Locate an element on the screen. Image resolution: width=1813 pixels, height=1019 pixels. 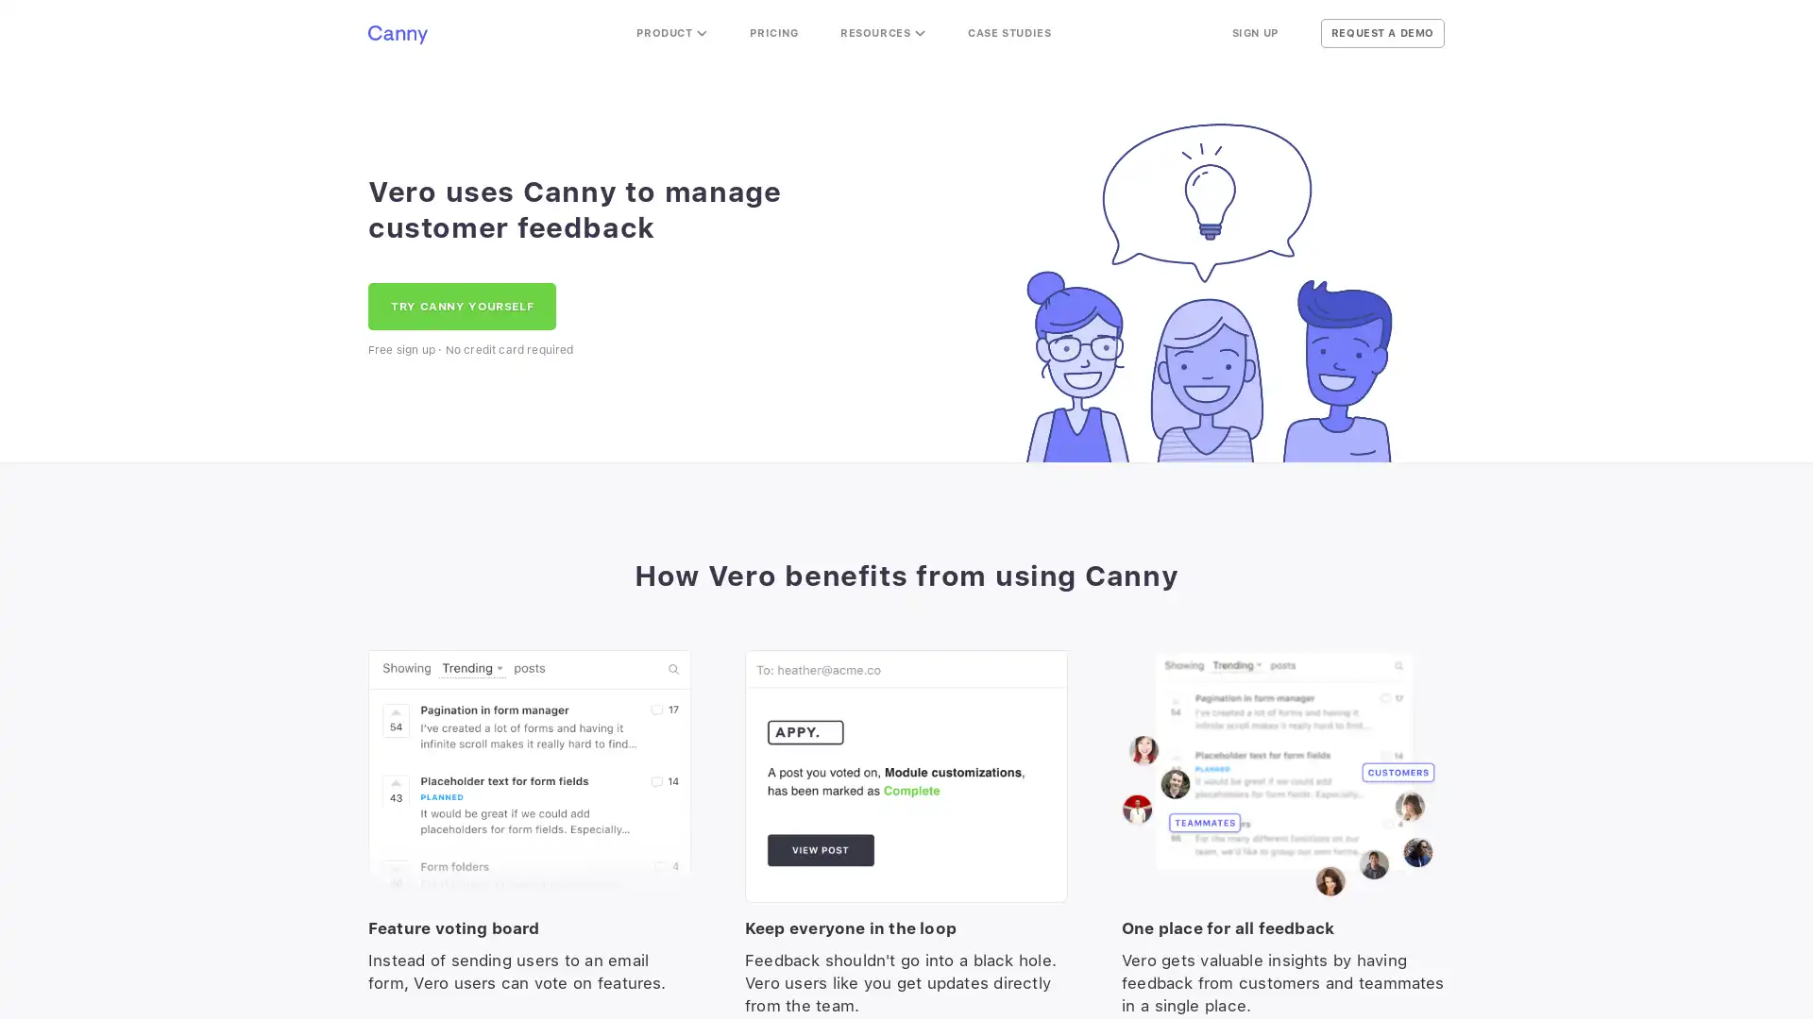
TRY CANNY YOURSELF is located at coordinates (462, 305).